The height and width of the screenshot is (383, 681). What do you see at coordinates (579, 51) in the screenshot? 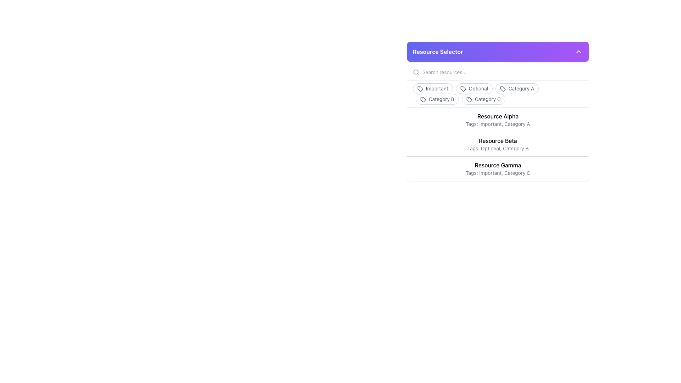
I see `the chevron icon button located at the far-right end of the purple 'Resource Selector' header` at bounding box center [579, 51].